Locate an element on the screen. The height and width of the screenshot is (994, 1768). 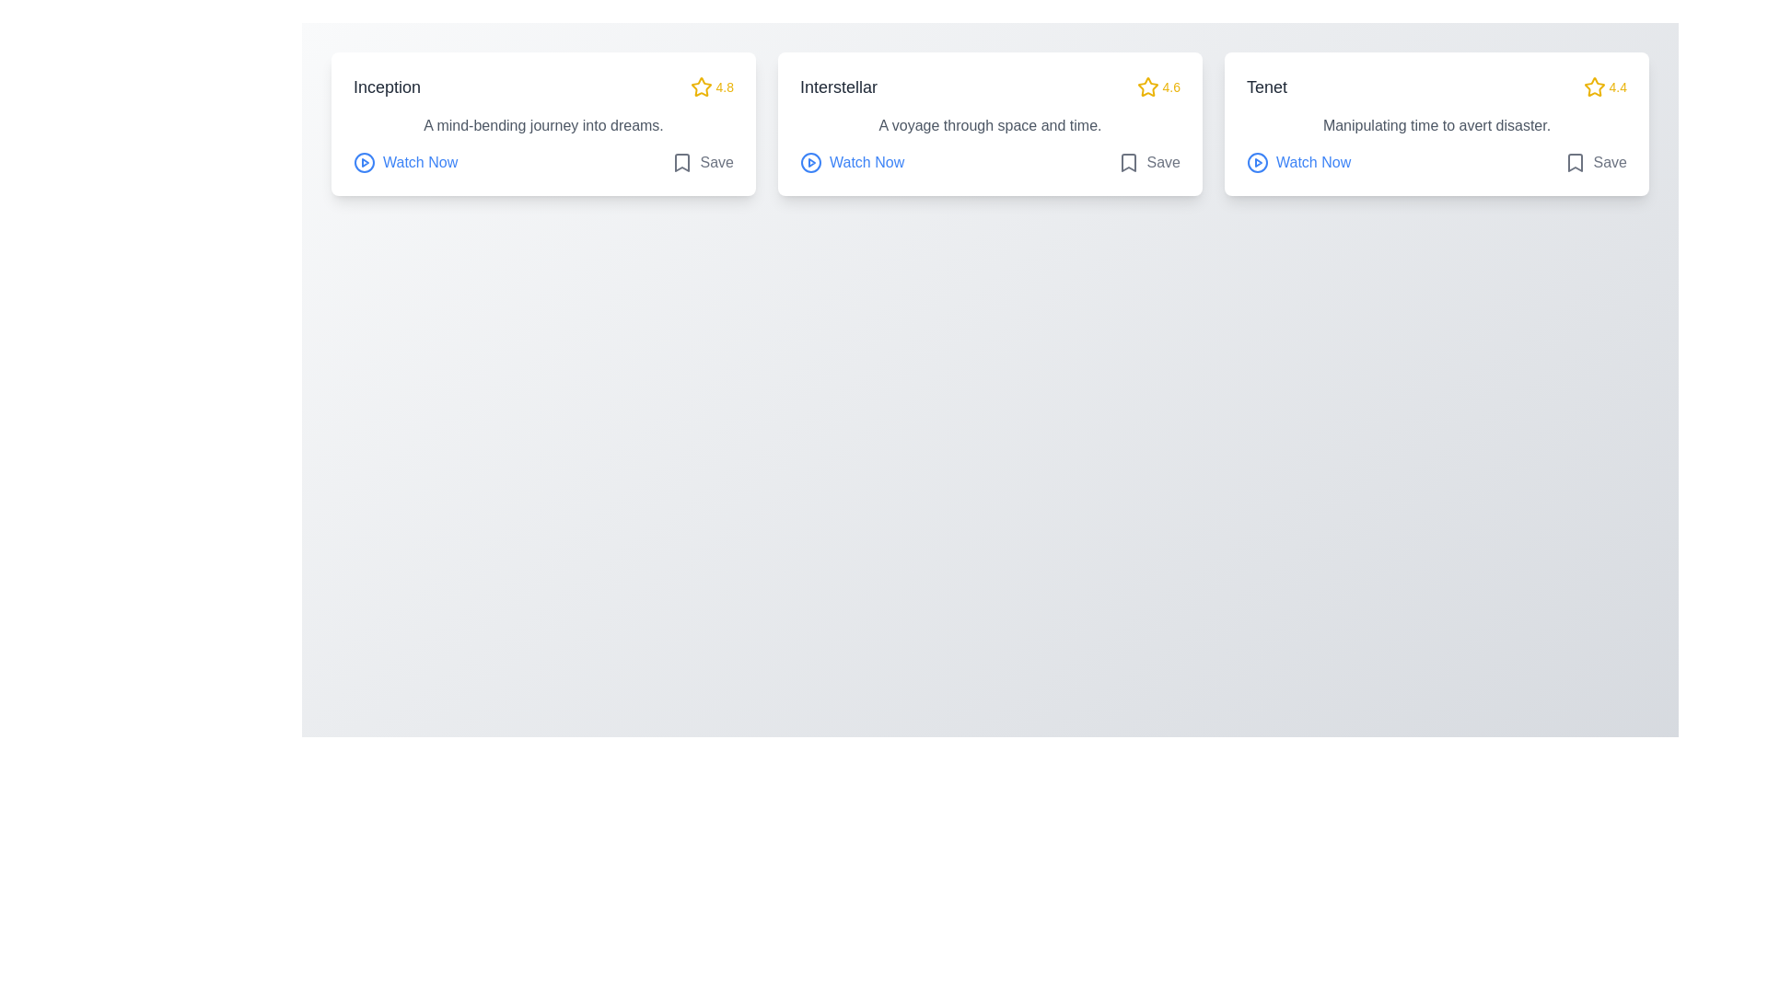
the yellow star icon with the text '4.8' in the top-right corner of the 'Inception' card is located at coordinates (711, 87).